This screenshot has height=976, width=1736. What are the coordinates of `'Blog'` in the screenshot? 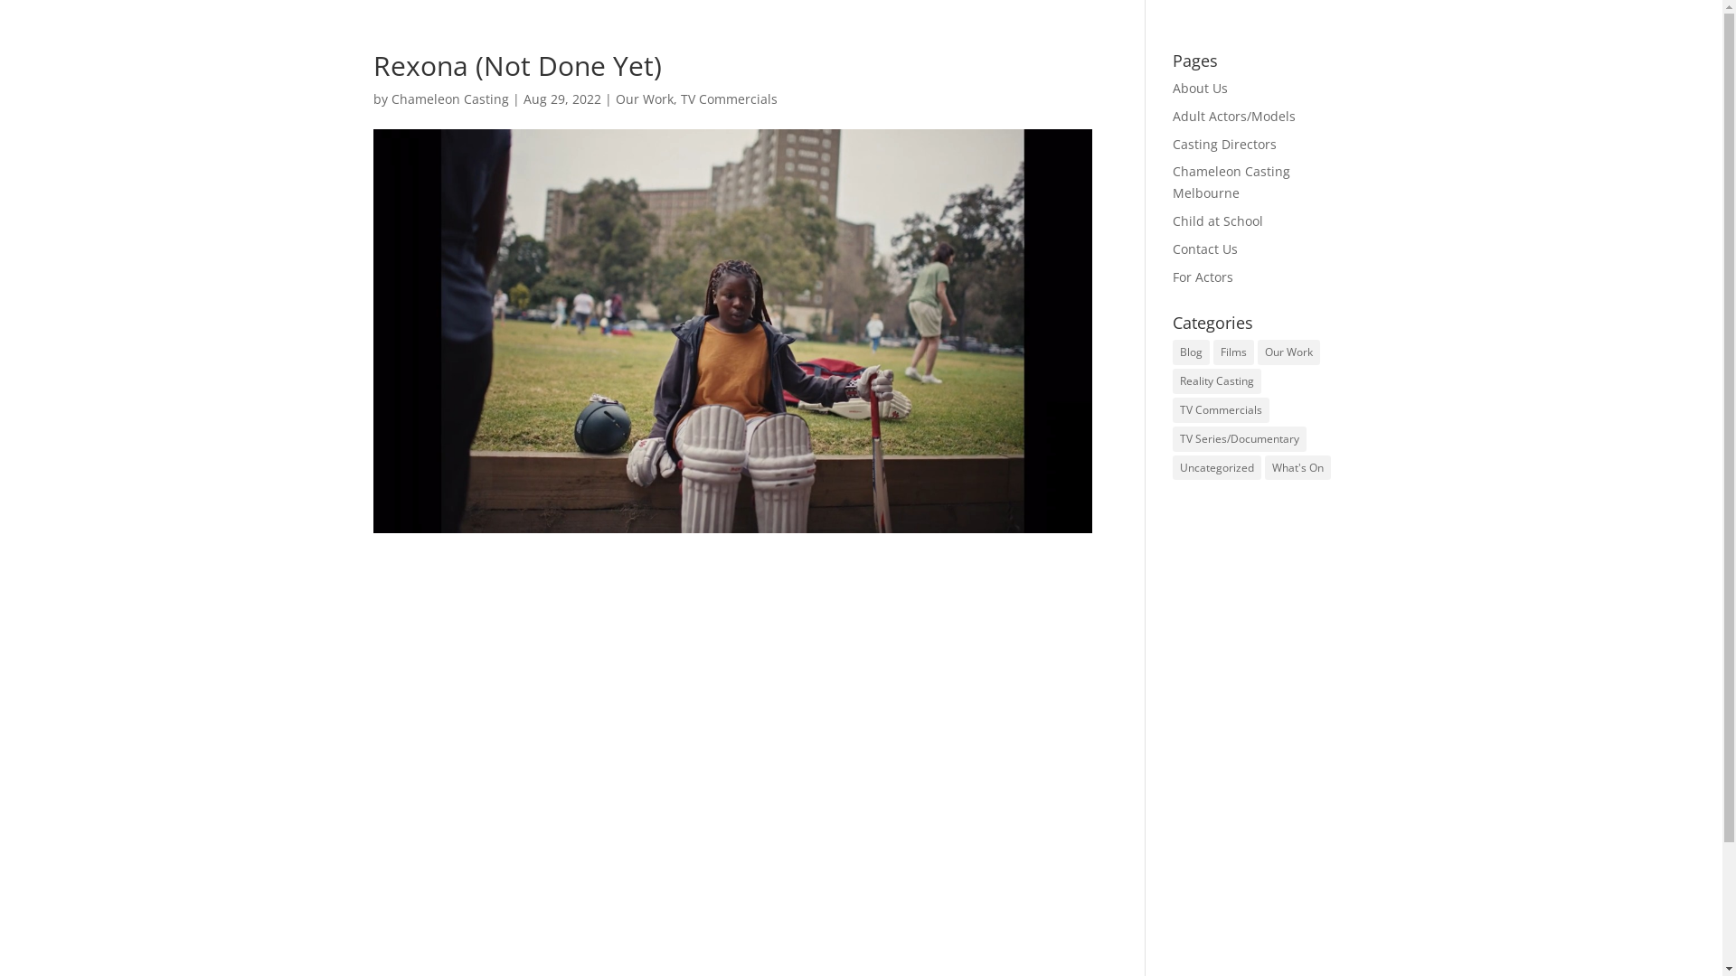 It's located at (1191, 352).